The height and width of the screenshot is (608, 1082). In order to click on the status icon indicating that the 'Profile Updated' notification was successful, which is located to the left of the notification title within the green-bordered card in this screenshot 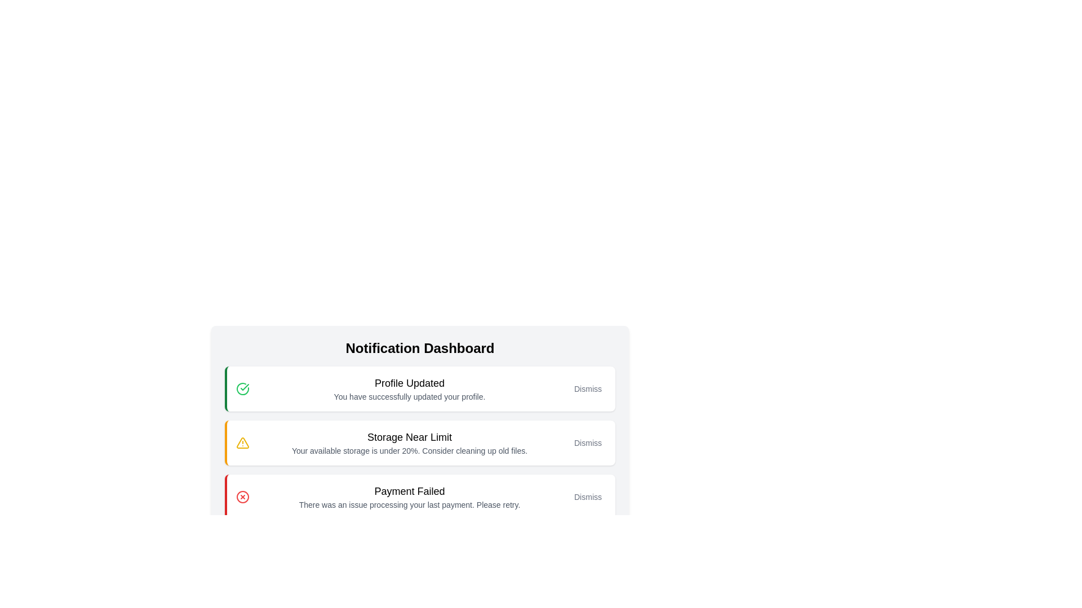, I will do `click(242, 388)`.